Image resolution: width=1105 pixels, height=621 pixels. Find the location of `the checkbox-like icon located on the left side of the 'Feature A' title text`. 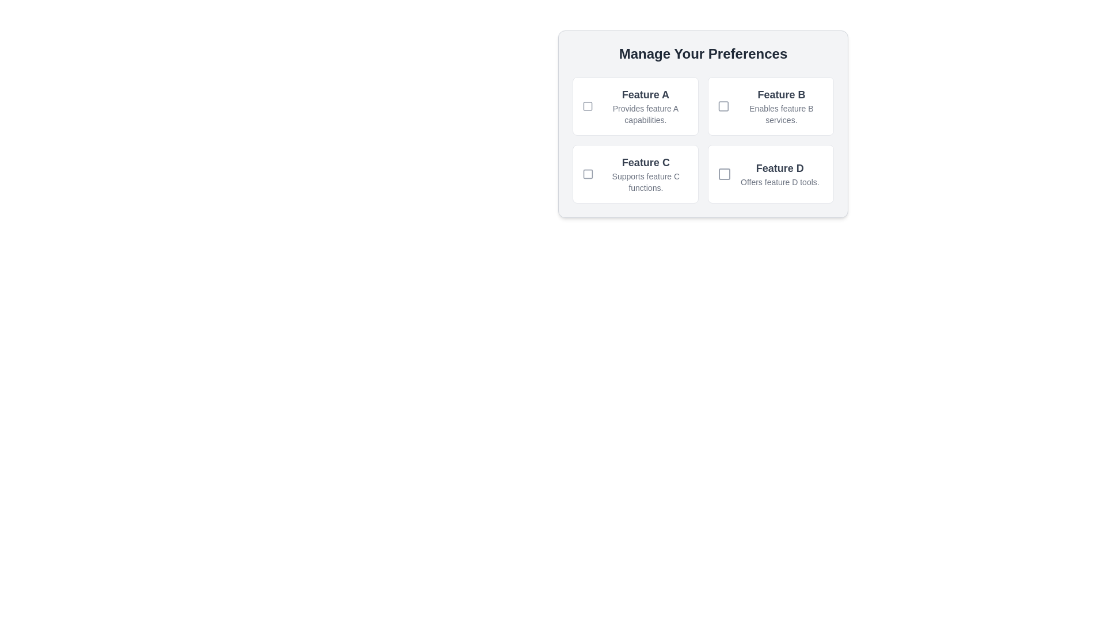

the checkbox-like icon located on the left side of the 'Feature A' title text is located at coordinates (588, 106).